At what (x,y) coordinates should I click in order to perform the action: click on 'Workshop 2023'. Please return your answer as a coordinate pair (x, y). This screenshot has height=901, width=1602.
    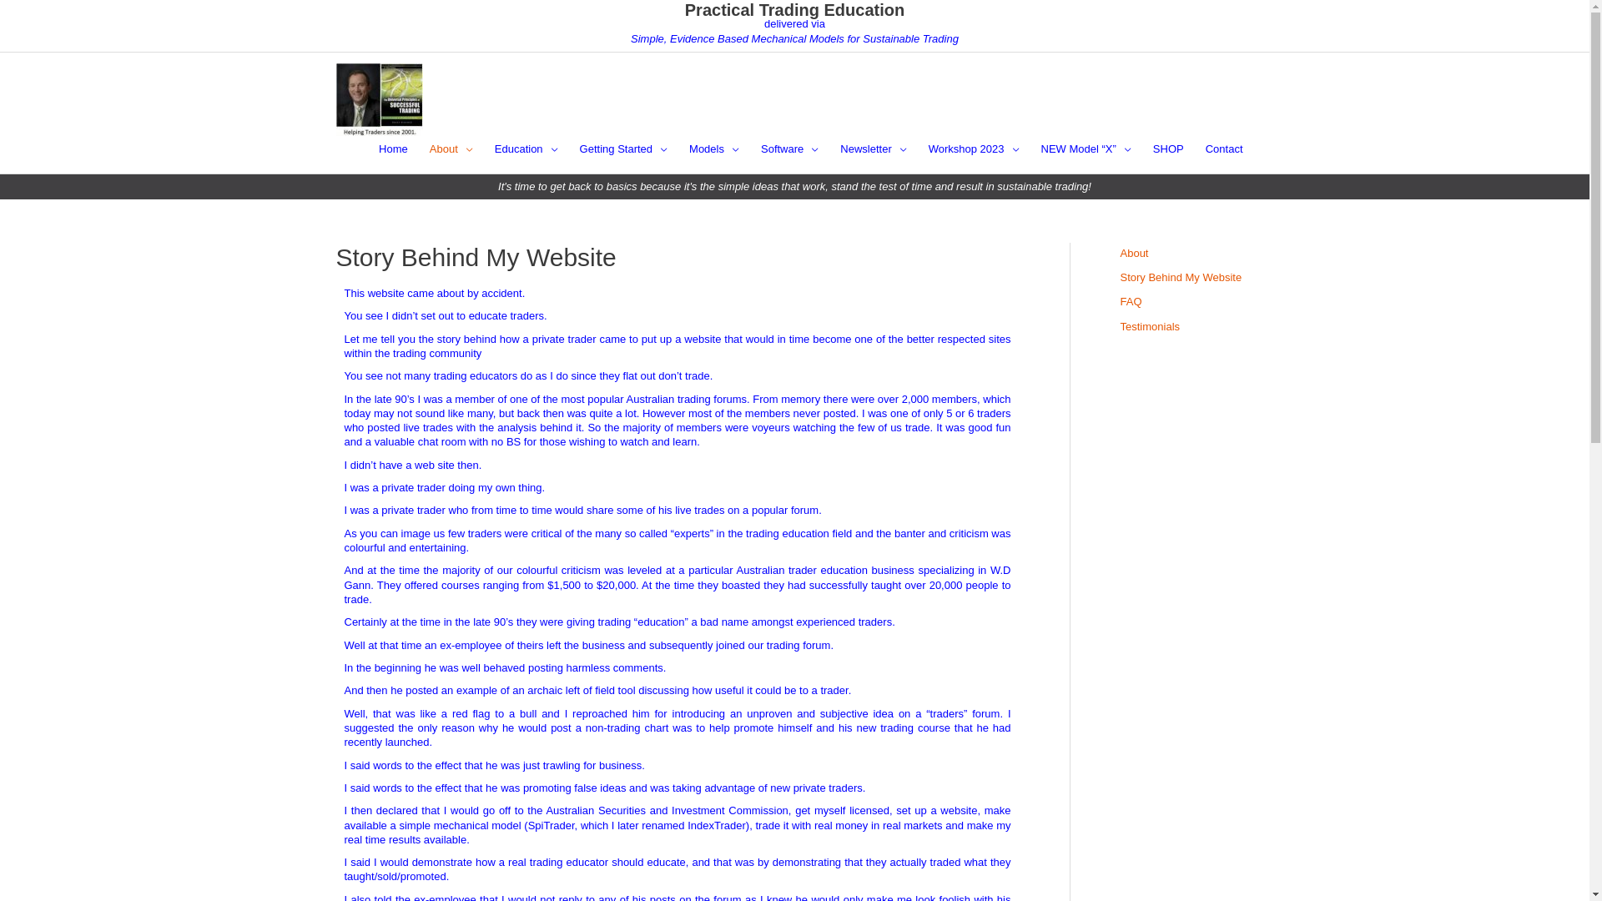
    Looking at the image, I should click on (974, 148).